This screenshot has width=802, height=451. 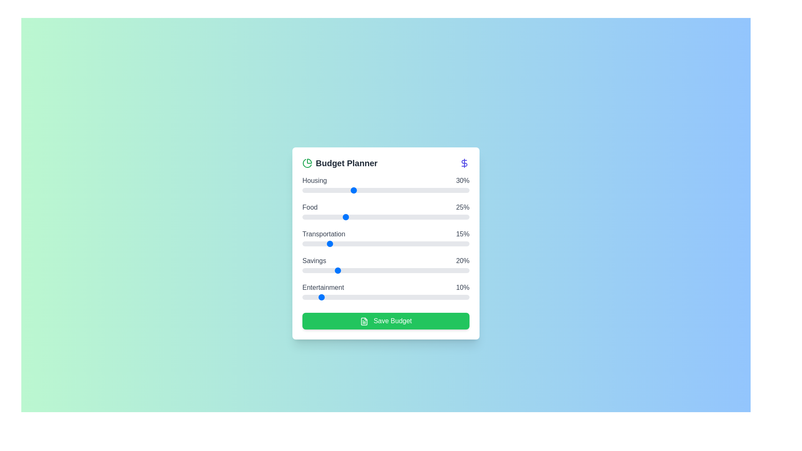 I want to click on the slider for 'Food' to set its percentage to 41, so click(x=371, y=217).